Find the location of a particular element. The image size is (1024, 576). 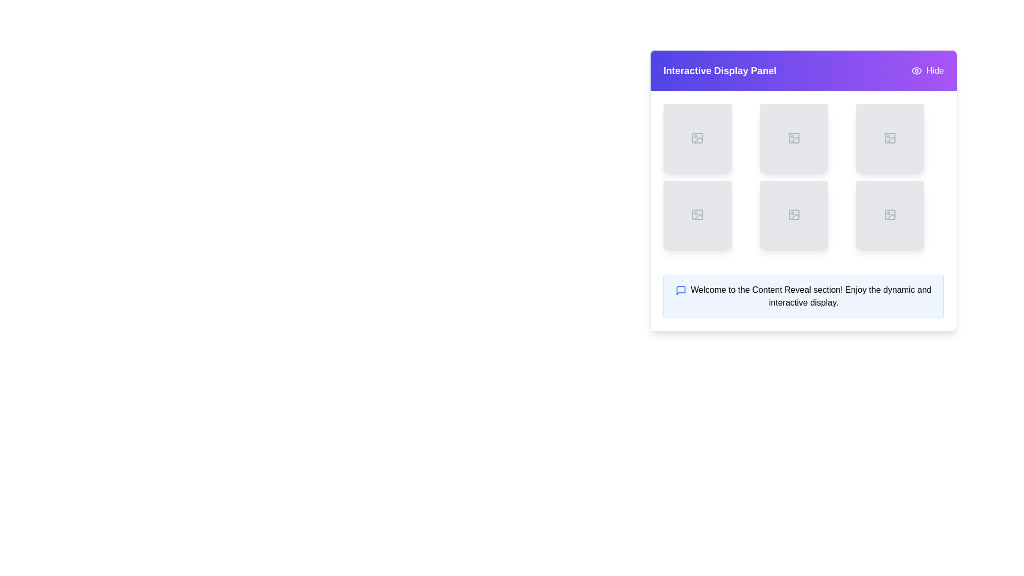

the toggle button located in the top-right corner of the 'Interactive Display Panel' header is located at coordinates (927, 70).